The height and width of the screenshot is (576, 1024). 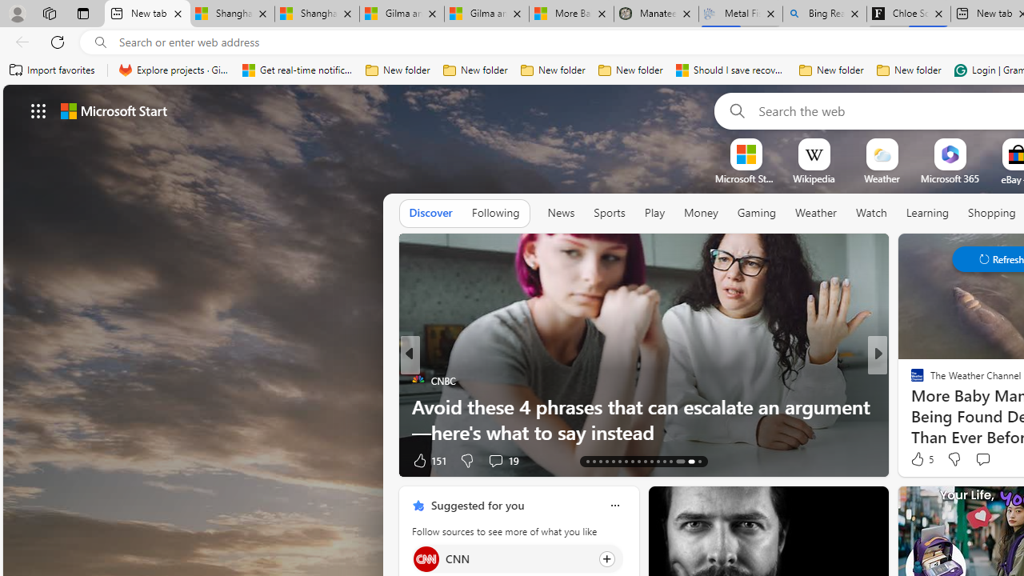 What do you see at coordinates (677, 462) in the screenshot?
I see `'AutomationID: tab-40'` at bounding box center [677, 462].